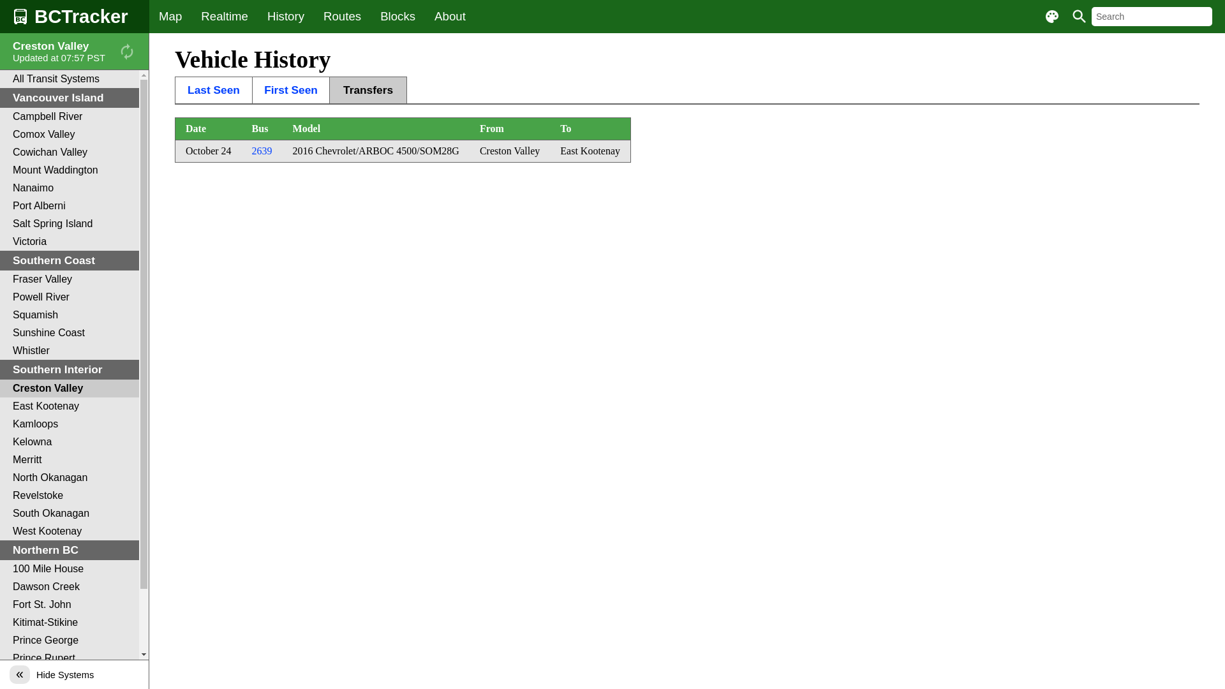  Describe the element at coordinates (69, 531) in the screenshot. I see `'West Kootenay'` at that location.